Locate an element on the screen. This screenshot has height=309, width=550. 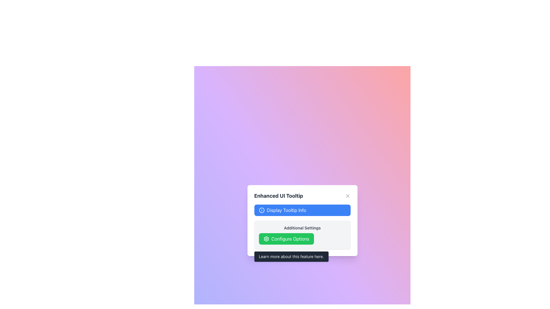
the information icon, which is represented as an outlined circle with a smaller dot and vertical line inside, located to the left of the 'Display Tooltip Info' text in a blue button is located at coordinates (261, 210).